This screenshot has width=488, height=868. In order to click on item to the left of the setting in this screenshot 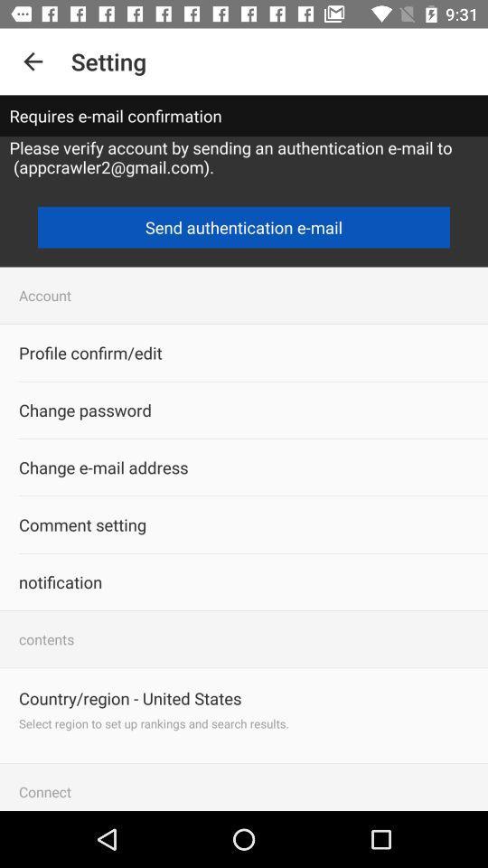, I will do `click(33, 61)`.